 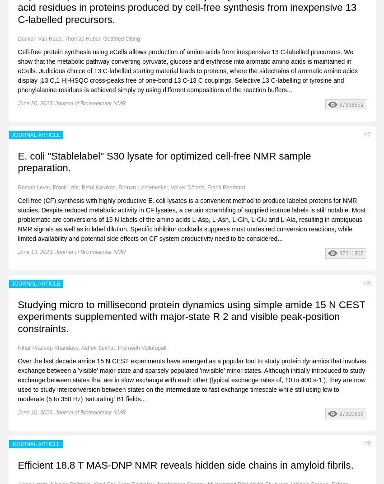 I want to click on 'Studying micro to millisecond protein dynamics using simple amide 15 N CEST experiments supplemented with major-state R 2 and visible peak-position constraints.', so click(x=17, y=316).